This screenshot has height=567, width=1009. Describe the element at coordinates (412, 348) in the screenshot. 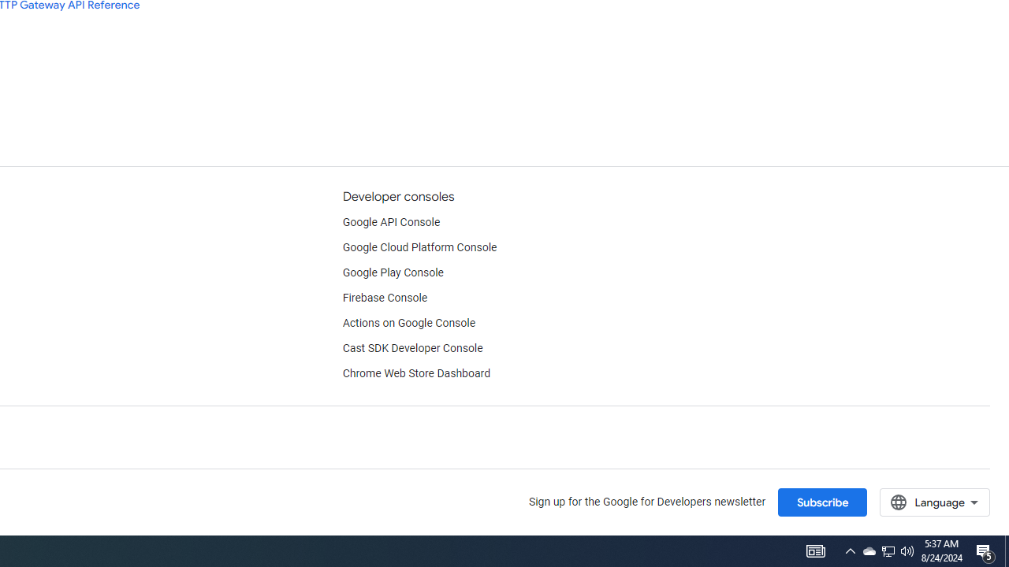

I see `'Cast SDK Developer Console'` at that location.